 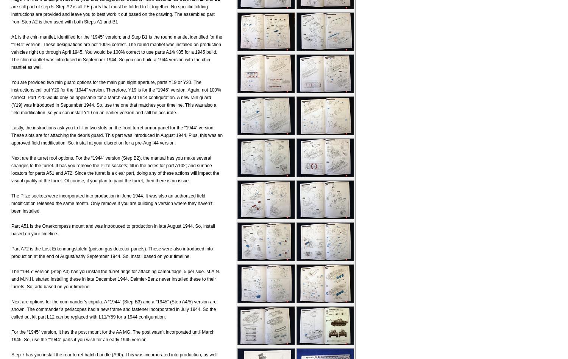 I want to click on 'Part A51 is the Orterkompass mount and was introduced to production in late August 1944. So, install based on your timeline.', so click(x=11, y=230).